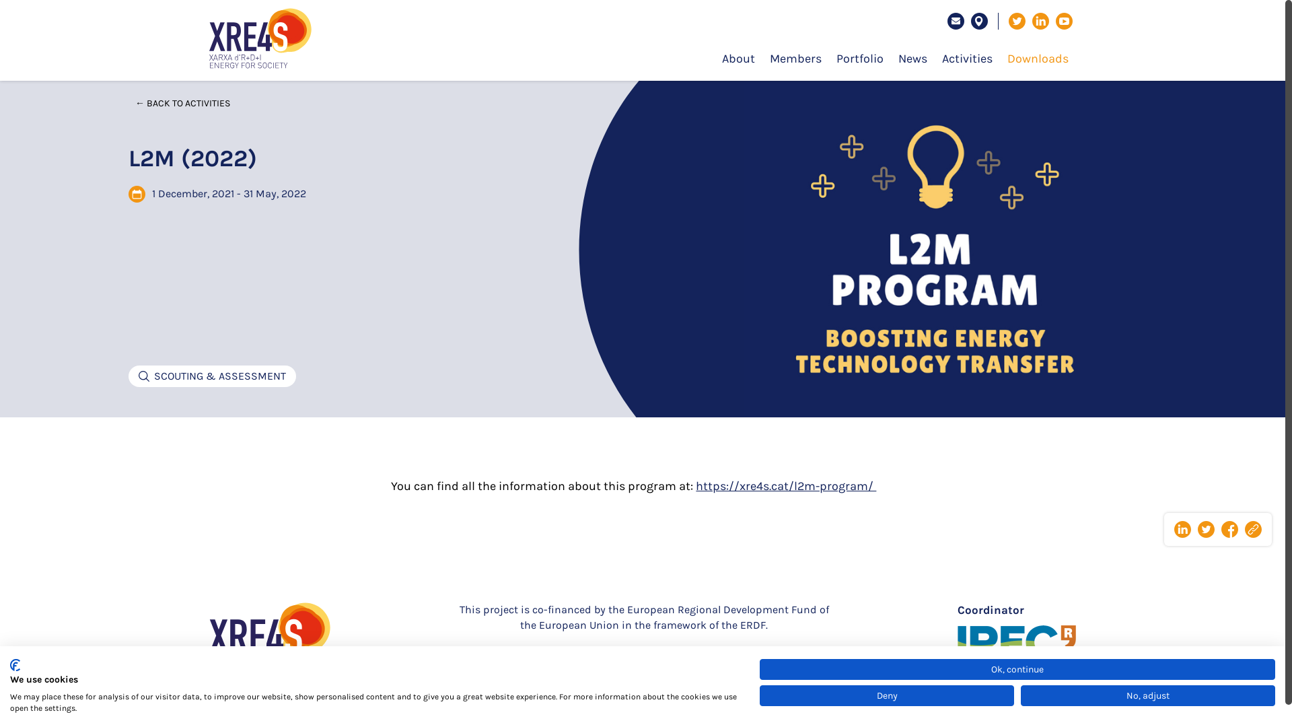 The width and height of the screenshot is (1292, 727). What do you see at coordinates (795, 59) in the screenshot?
I see `'Members'` at bounding box center [795, 59].